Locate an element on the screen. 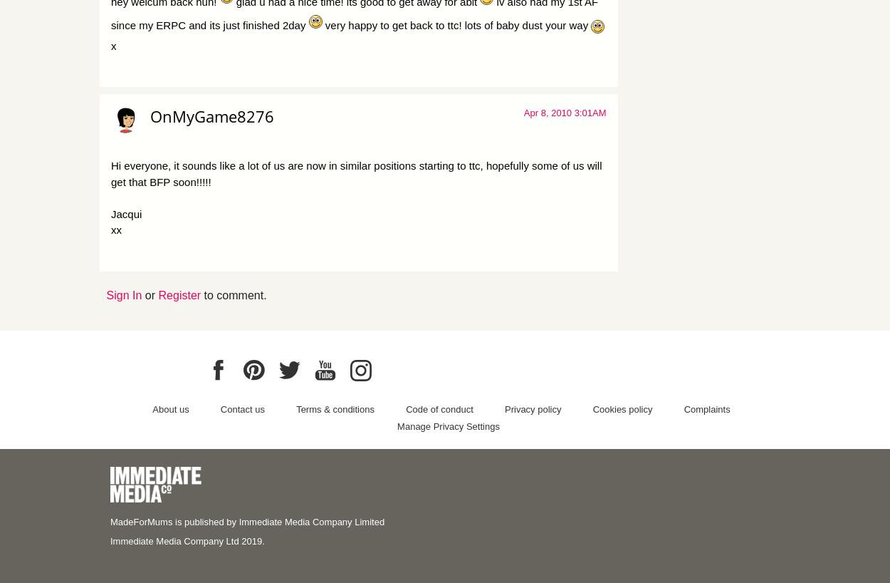 The image size is (890, 583). 'Terms & conditions' is located at coordinates (334, 408).